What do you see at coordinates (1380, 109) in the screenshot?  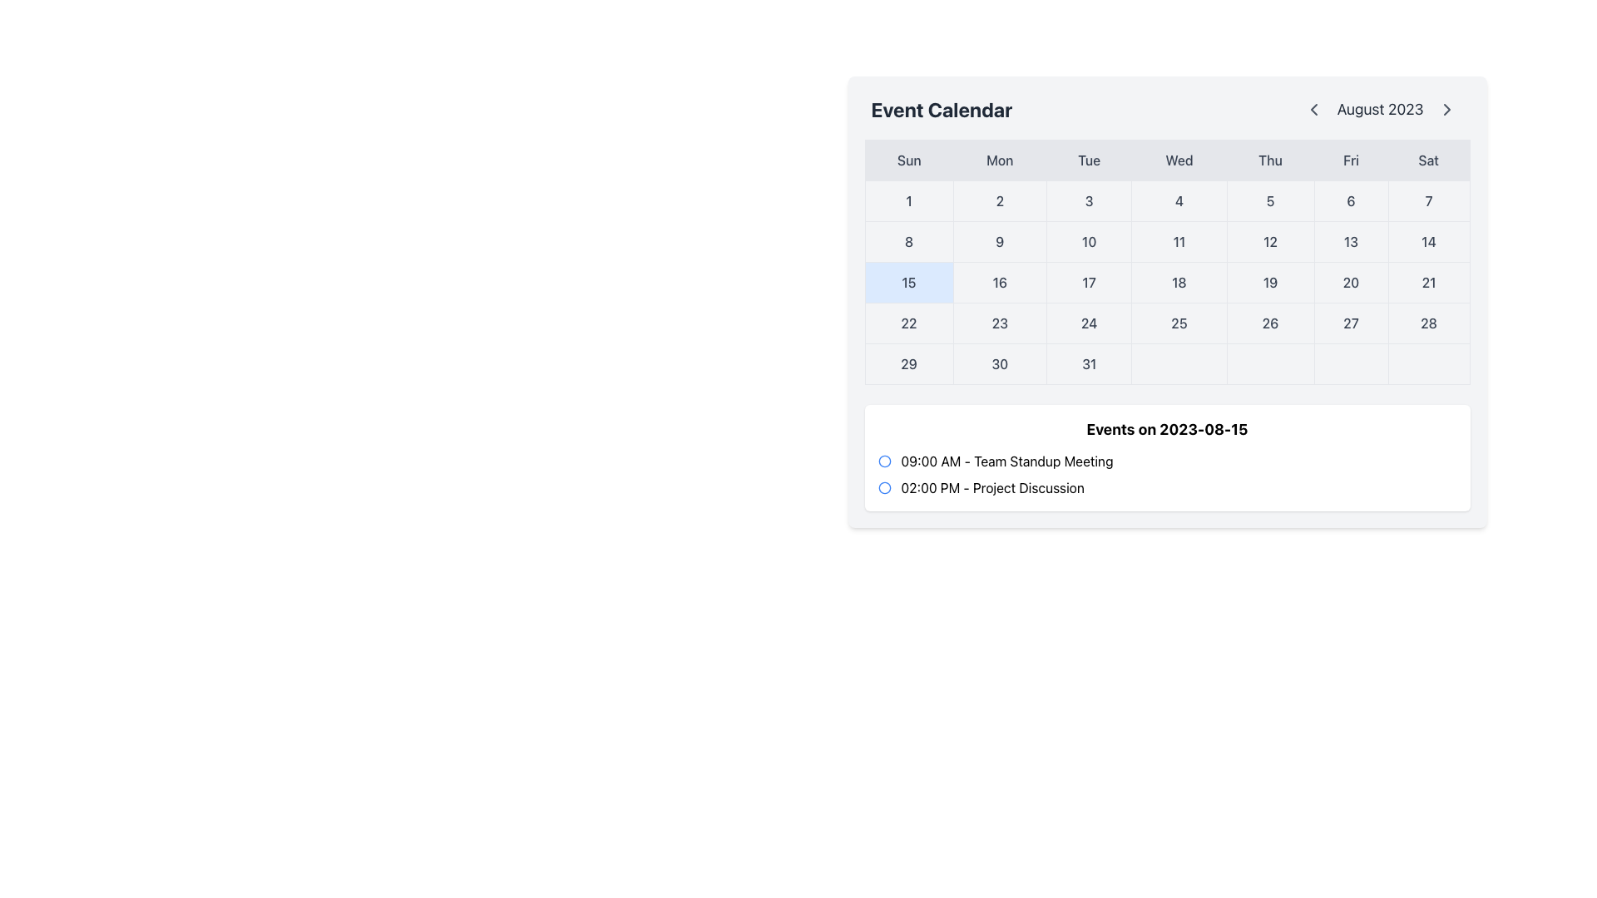 I see `the Text Label that indicates the current month and year in the calendar` at bounding box center [1380, 109].